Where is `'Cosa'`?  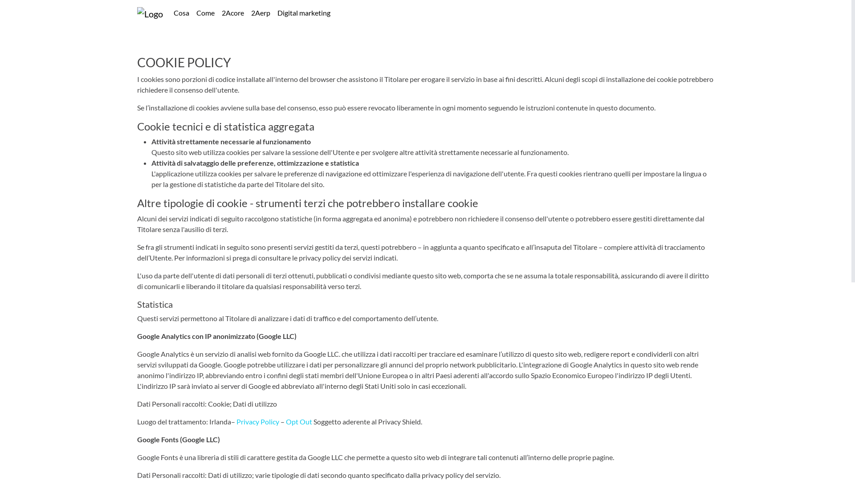 'Cosa' is located at coordinates (181, 13).